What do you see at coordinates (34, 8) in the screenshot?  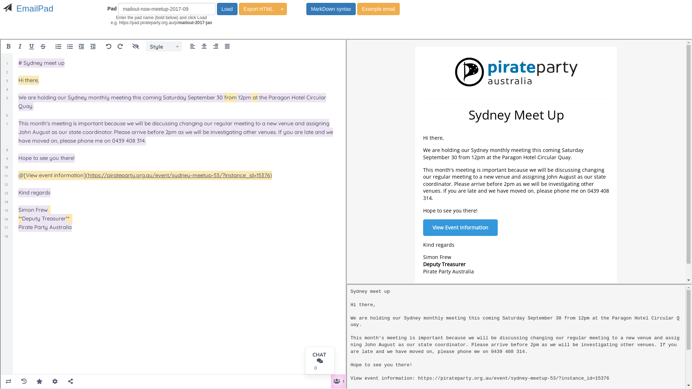 I see `'EmailPad'` at bounding box center [34, 8].